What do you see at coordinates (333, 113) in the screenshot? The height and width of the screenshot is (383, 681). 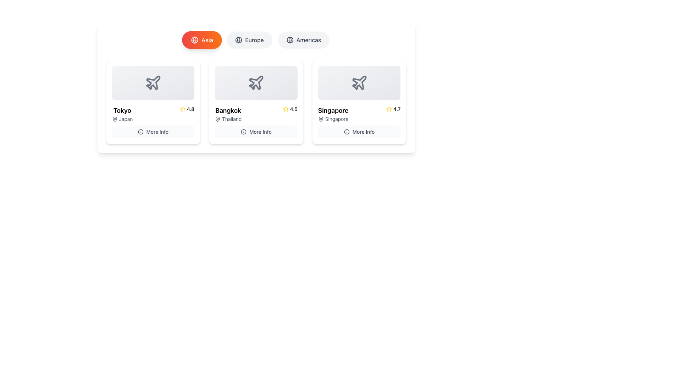 I see `the Text display with decorative icon that shows the name and location of the city 'Singapore', positioned above the 'More Info' button and below the airplane image in the third card of a horizontally aligned set of city cards` at bounding box center [333, 113].